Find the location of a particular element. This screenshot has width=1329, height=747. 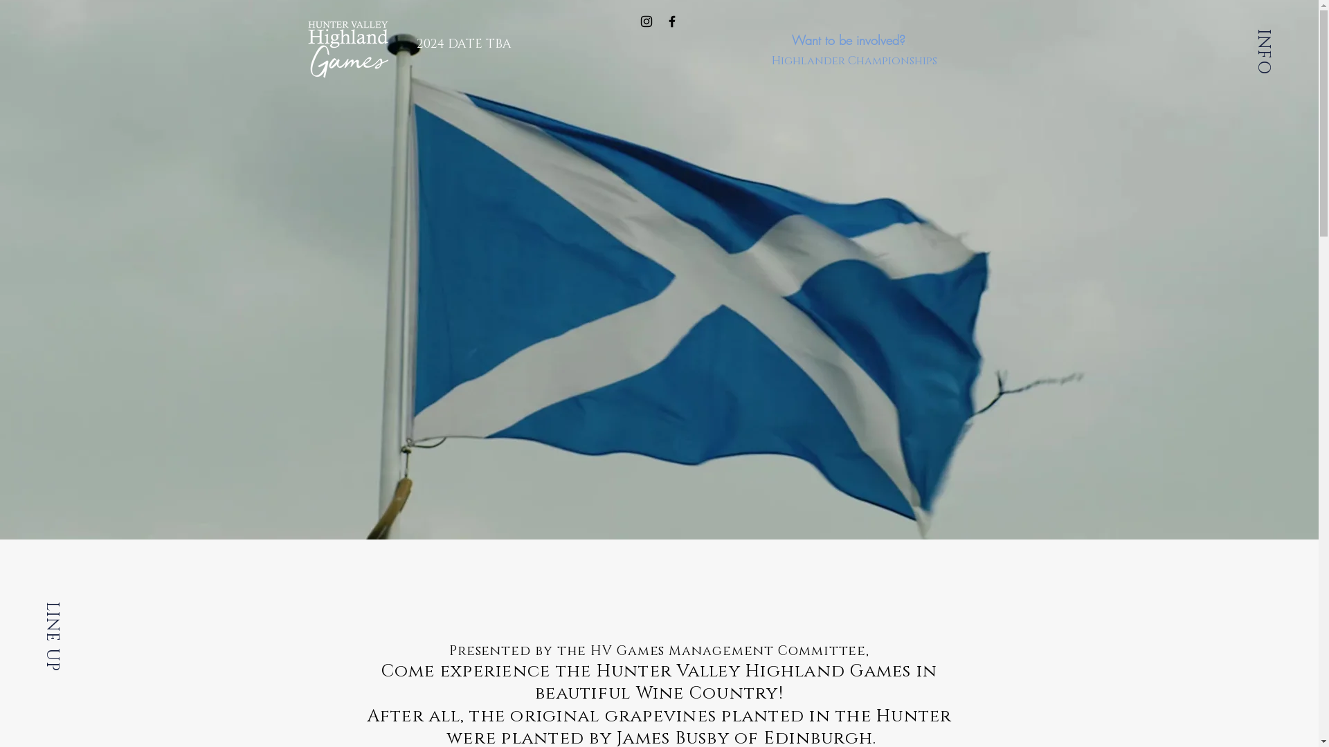

'LINE UP' is located at coordinates (74, 611).